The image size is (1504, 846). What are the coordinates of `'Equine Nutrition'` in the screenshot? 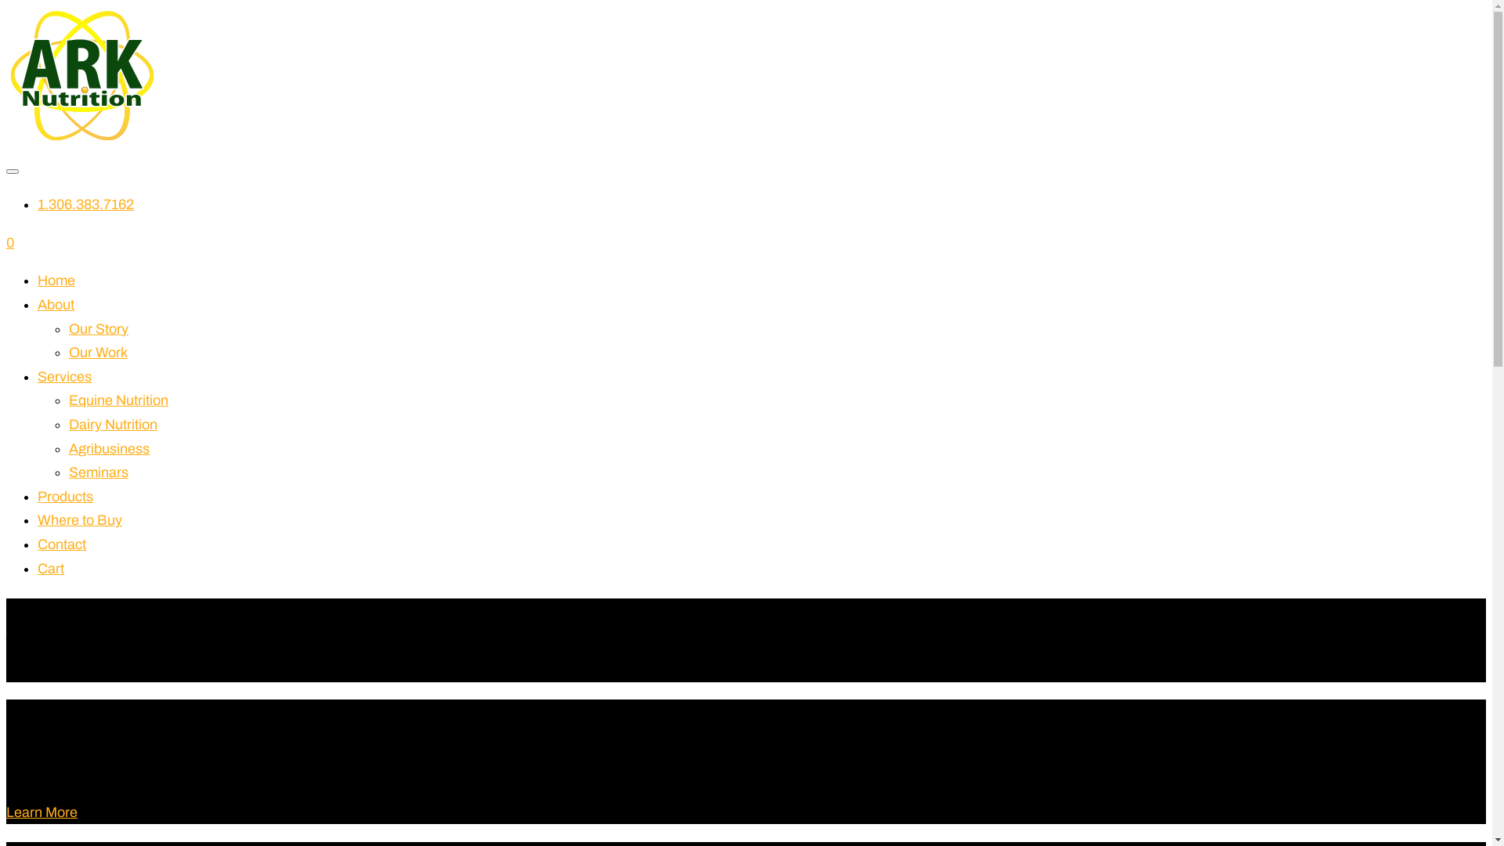 It's located at (117, 399).